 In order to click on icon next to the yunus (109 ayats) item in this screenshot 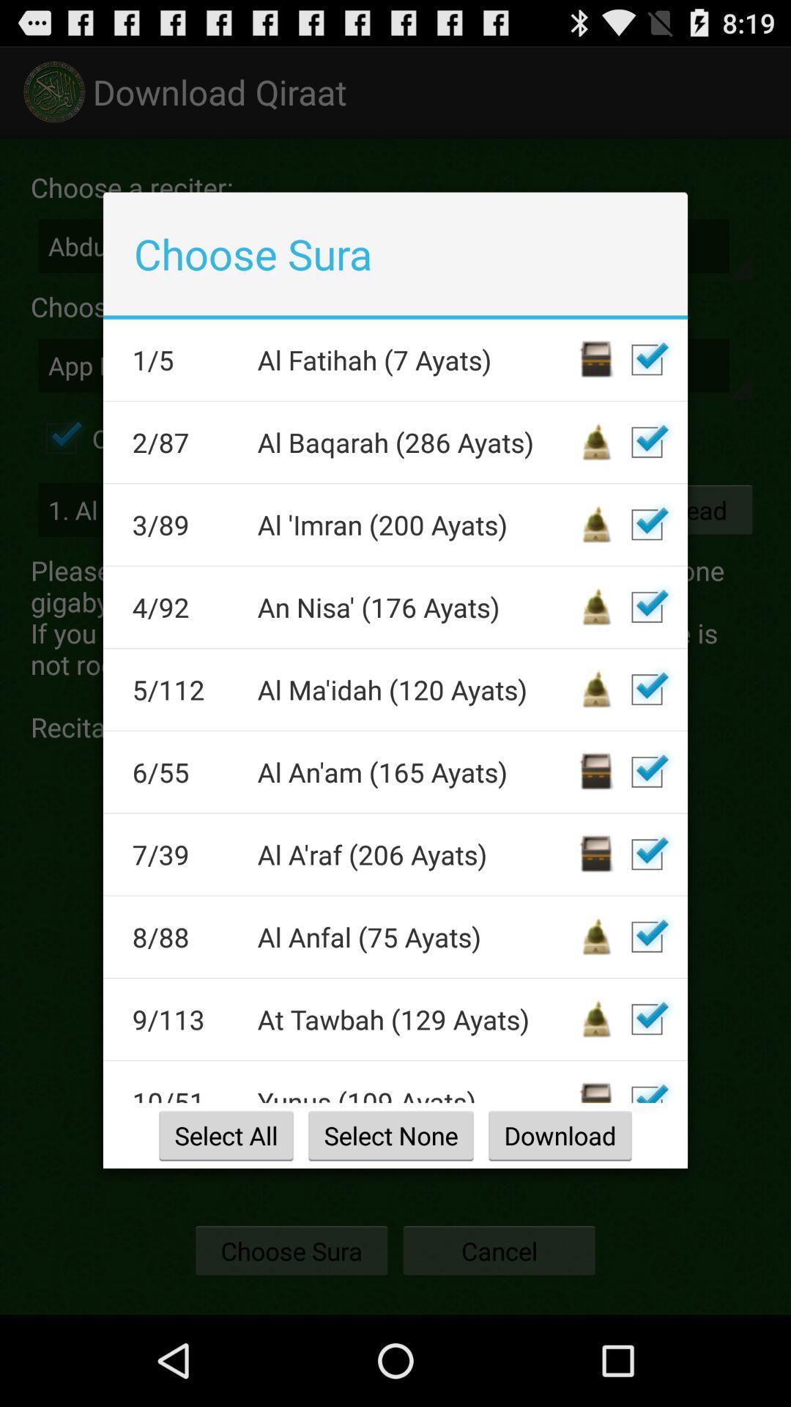, I will do `click(185, 1093)`.